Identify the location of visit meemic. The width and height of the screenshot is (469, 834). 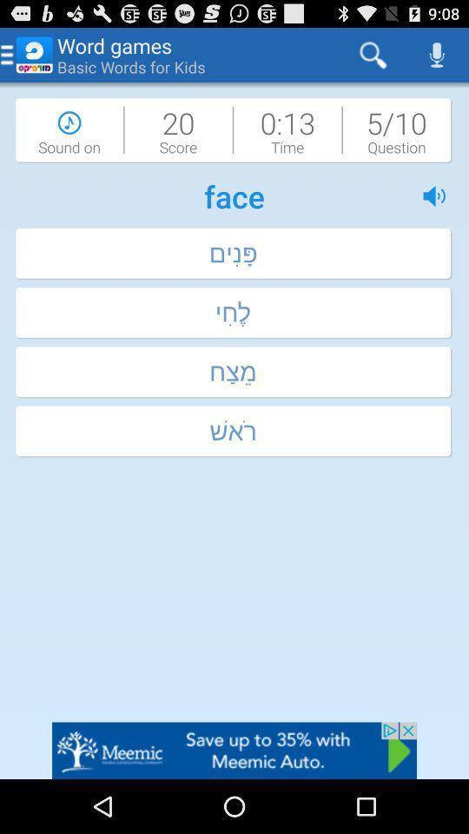
(234, 750).